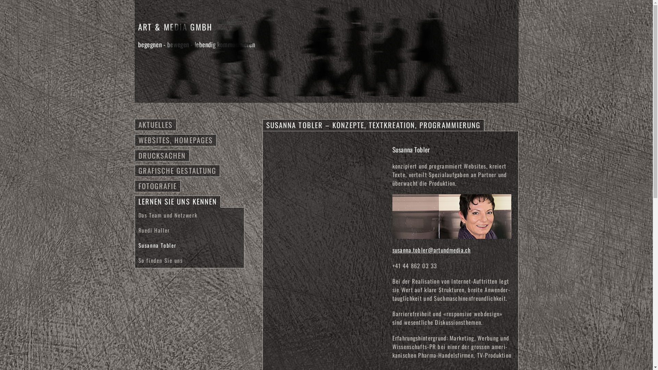 The width and height of the screenshot is (658, 370). What do you see at coordinates (155, 124) in the screenshot?
I see `'AKTUELLES'` at bounding box center [155, 124].